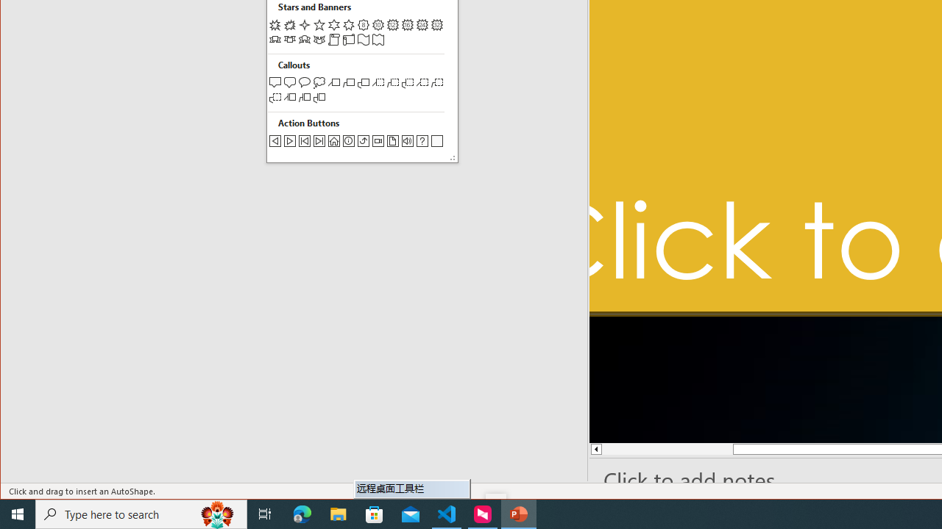 This screenshot has height=529, width=942. I want to click on 'Type here to search', so click(141, 513).